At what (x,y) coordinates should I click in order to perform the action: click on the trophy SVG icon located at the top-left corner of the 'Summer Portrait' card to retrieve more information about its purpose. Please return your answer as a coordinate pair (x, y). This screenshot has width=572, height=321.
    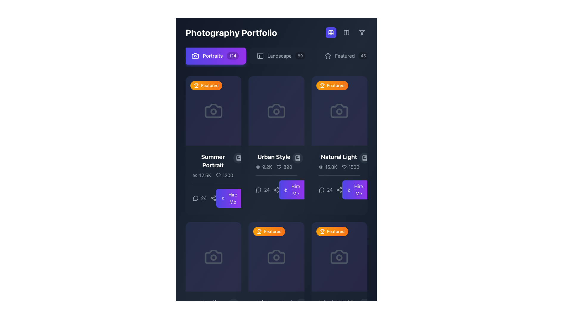
    Looking at the image, I should click on (196, 86).